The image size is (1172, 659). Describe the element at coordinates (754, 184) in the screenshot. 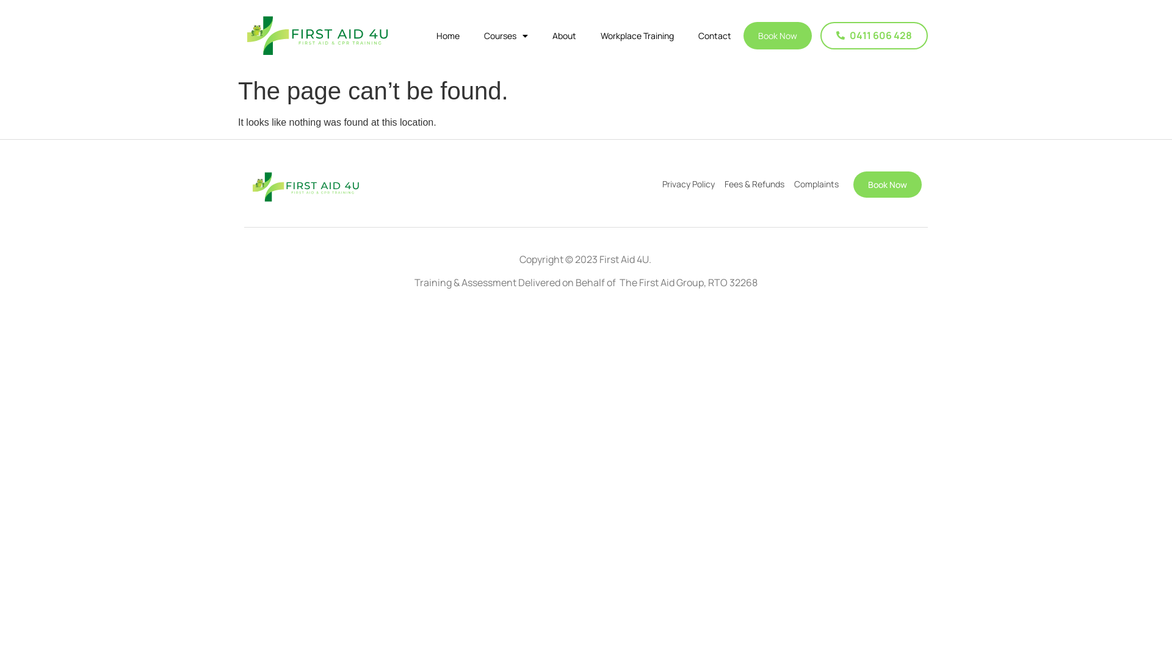

I see `'Fees & Refunds'` at that location.